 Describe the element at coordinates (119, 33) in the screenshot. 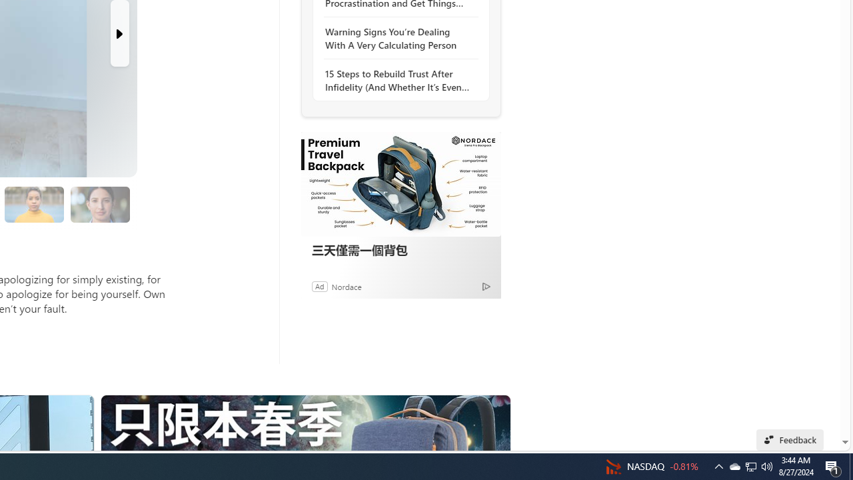

I see `'Next Slide'` at that location.